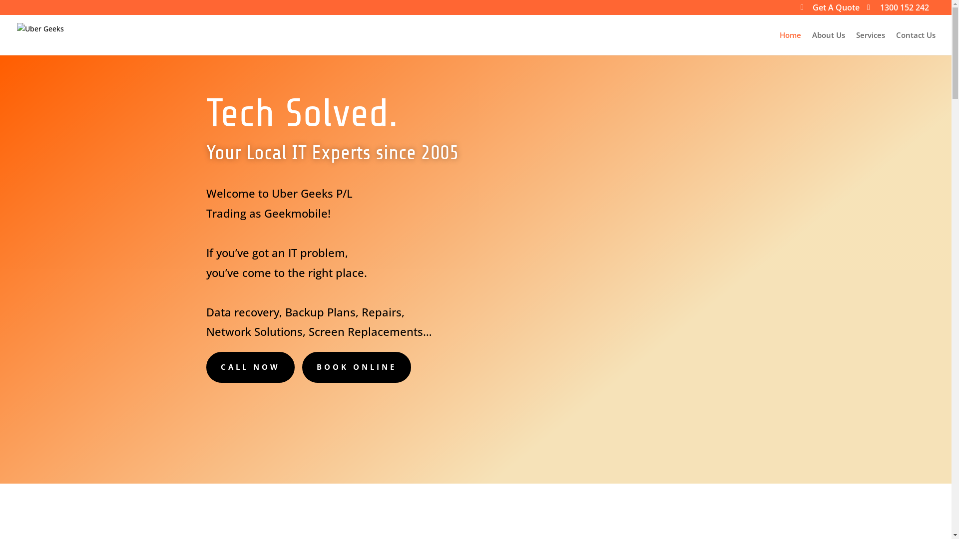 The height and width of the screenshot is (539, 959). What do you see at coordinates (830, 10) in the screenshot?
I see `'Get A Quote'` at bounding box center [830, 10].